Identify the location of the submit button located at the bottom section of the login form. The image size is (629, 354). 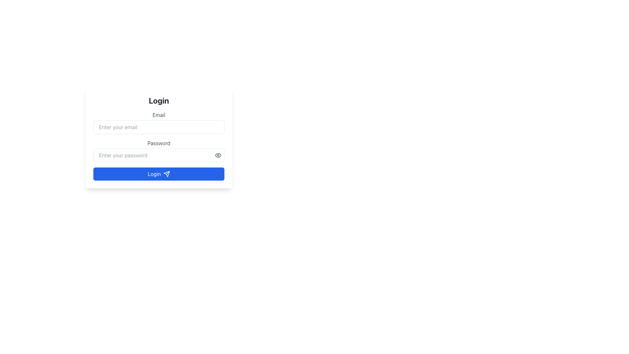
(223, 164).